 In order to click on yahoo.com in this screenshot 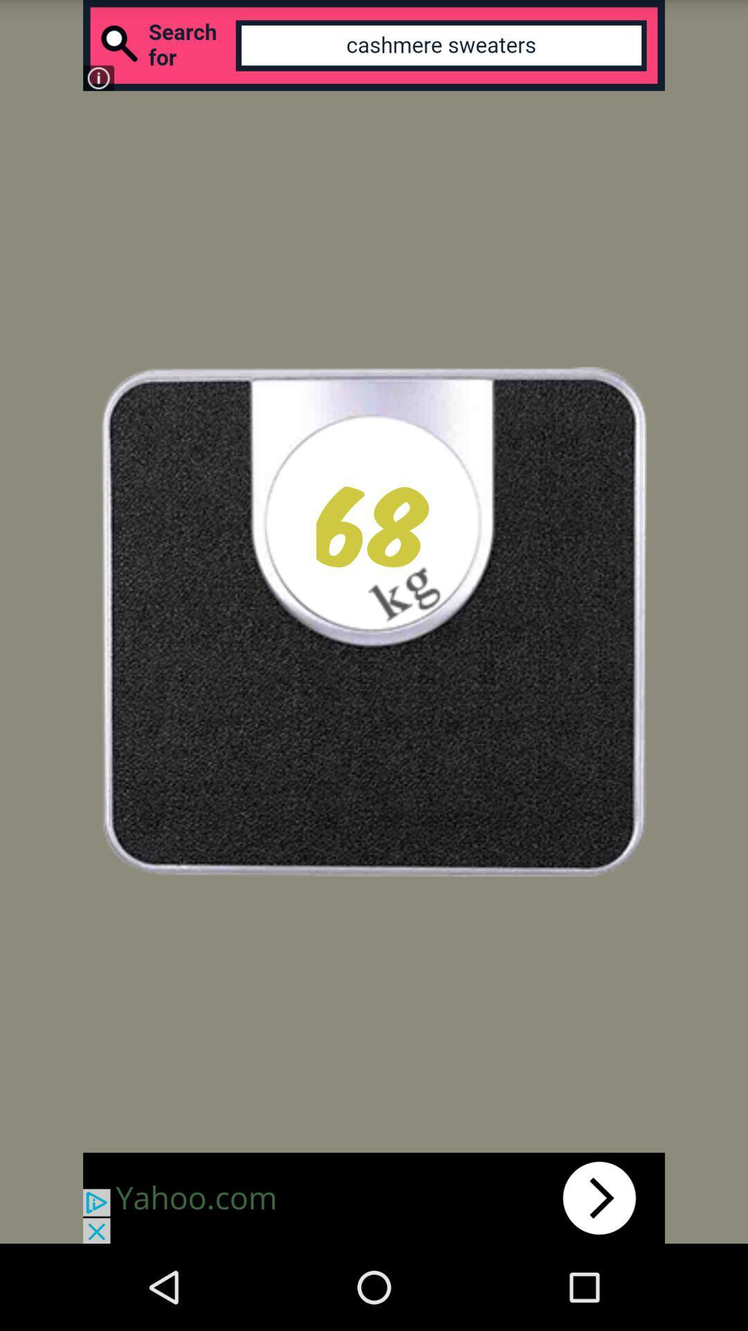, I will do `click(374, 1197)`.